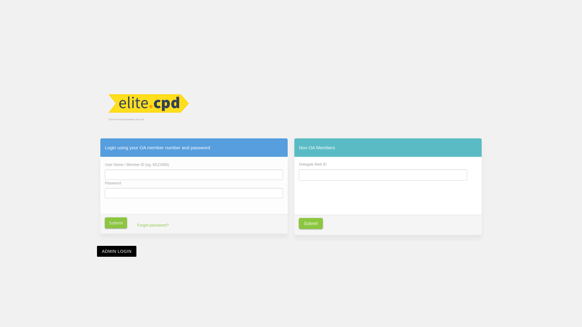 This screenshot has height=327, width=582. Describe the element at coordinates (136, 223) in the screenshot. I see `'Forgot password?'` at that location.